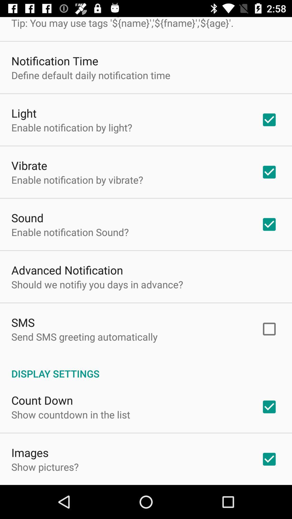  Describe the element at coordinates (84, 336) in the screenshot. I see `item above the display settings app` at that location.